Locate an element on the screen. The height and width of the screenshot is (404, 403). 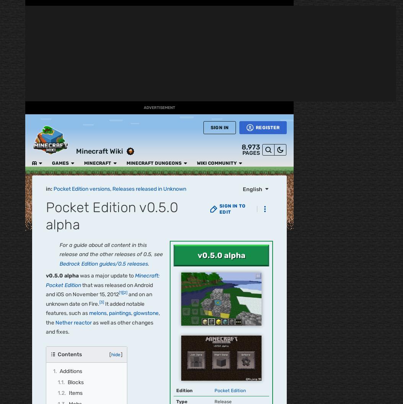
'Community content is available under' is located at coordinates (91, 30).